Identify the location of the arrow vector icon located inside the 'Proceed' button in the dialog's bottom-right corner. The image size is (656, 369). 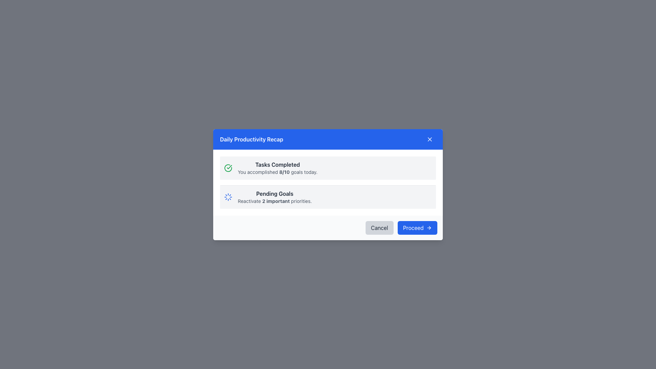
(429, 228).